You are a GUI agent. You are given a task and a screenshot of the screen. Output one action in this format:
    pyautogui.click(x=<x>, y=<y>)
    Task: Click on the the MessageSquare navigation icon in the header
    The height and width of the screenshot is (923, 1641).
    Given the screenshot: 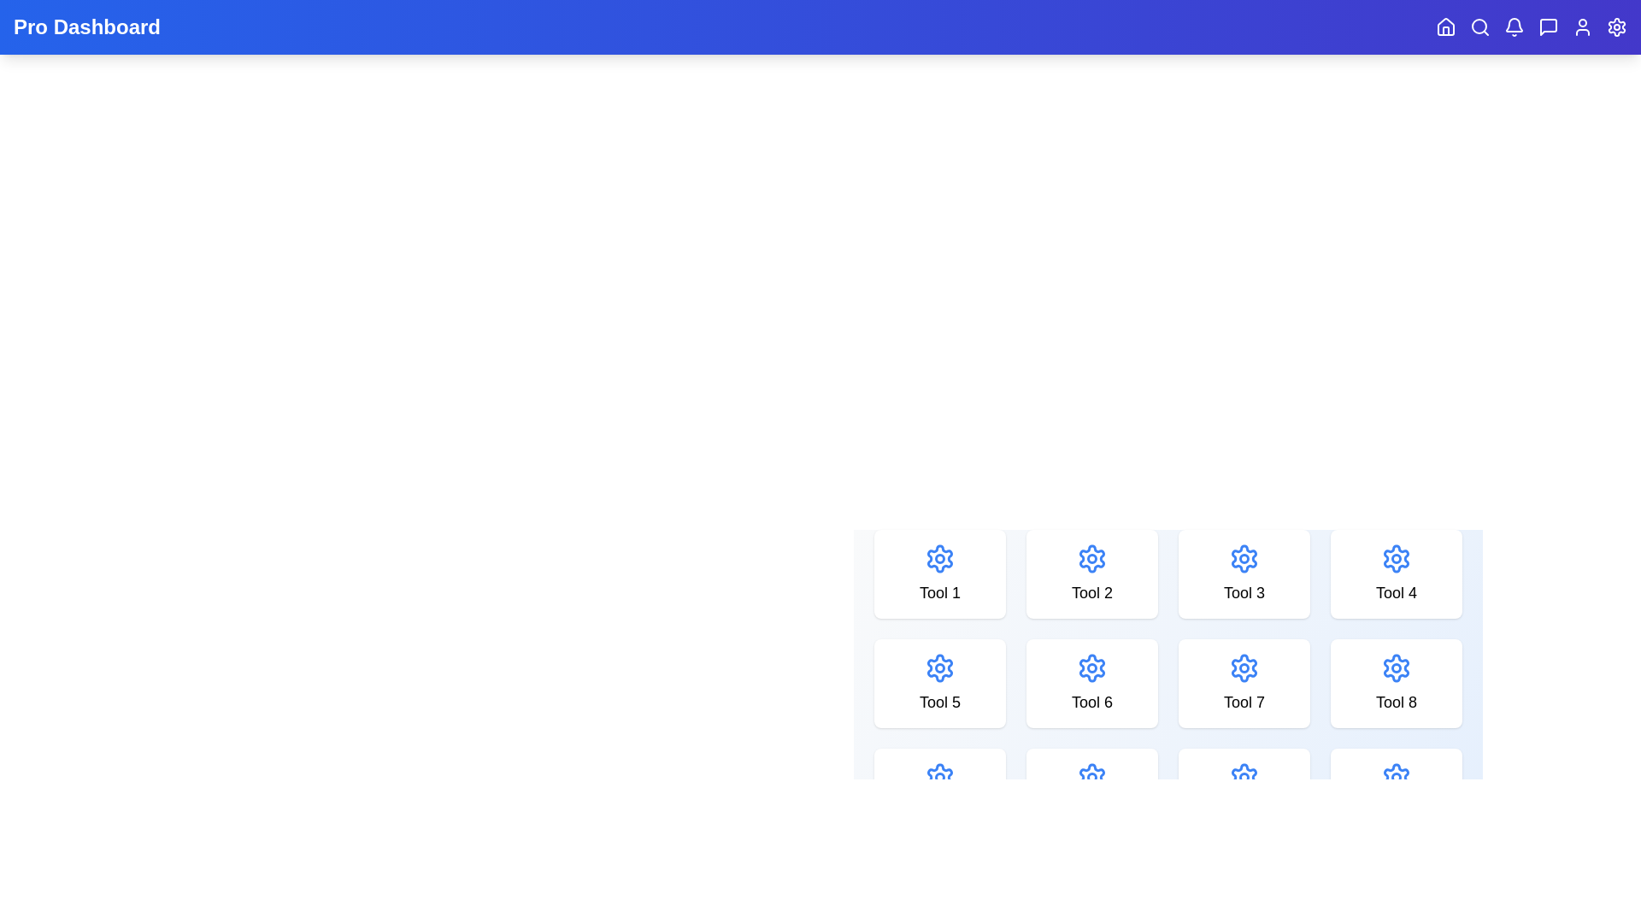 What is the action you would take?
    pyautogui.click(x=1548, y=26)
    